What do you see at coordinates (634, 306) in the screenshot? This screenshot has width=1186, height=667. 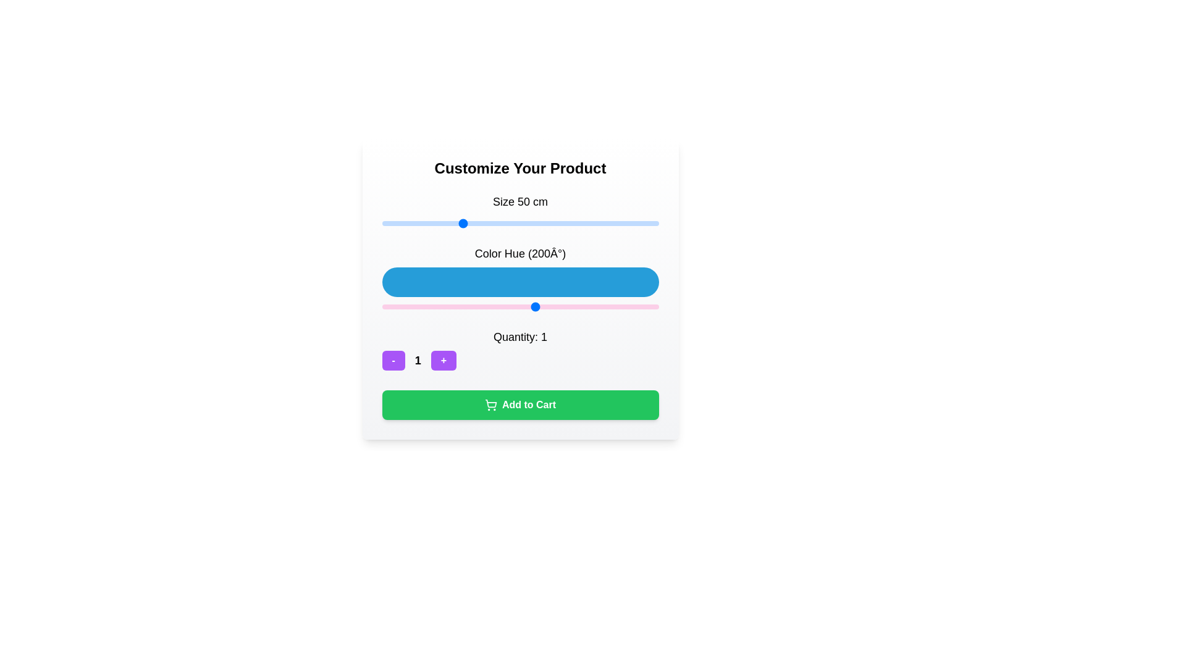 I see `the color hue` at bounding box center [634, 306].